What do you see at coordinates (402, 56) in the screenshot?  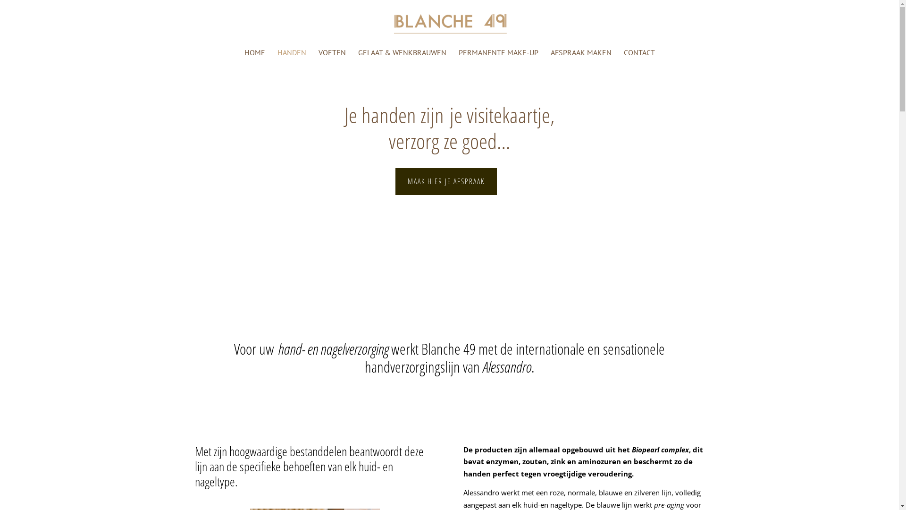 I see `'GELAAT & WENKBRAUWEN'` at bounding box center [402, 56].